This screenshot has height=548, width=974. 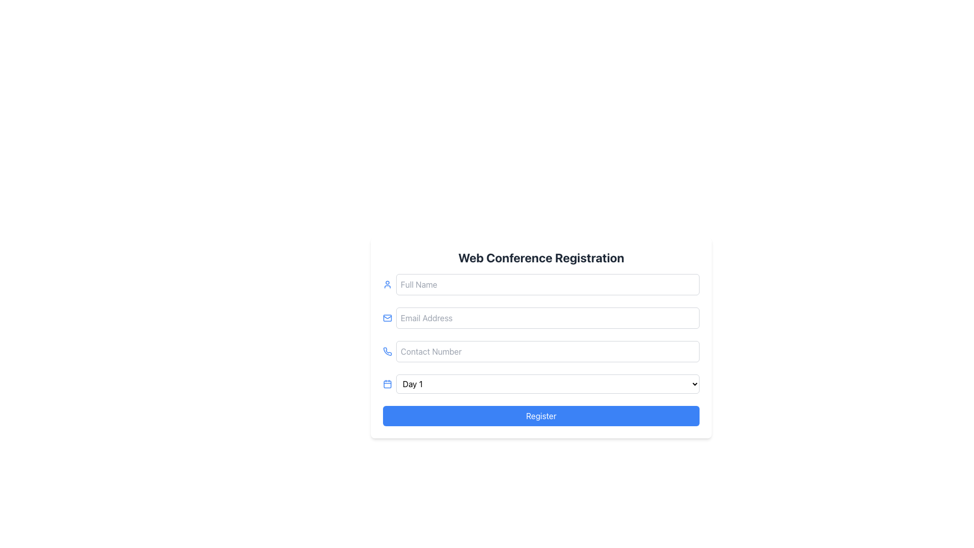 What do you see at coordinates (387, 351) in the screenshot?
I see `the blue phone icon, which is positioned leftmost in the layout above the 'Day 1' dropdown menu` at bounding box center [387, 351].